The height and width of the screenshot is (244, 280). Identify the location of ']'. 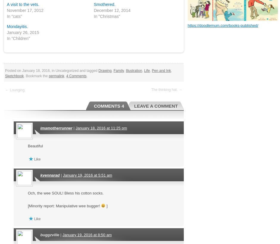
(106, 205).